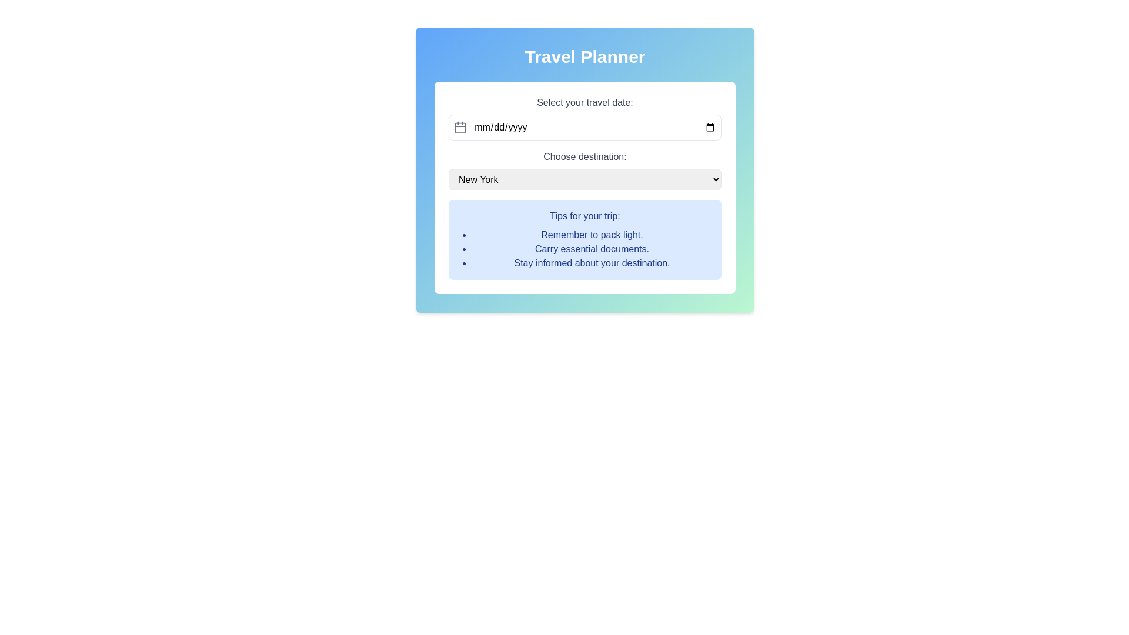 This screenshot has height=635, width=1129. What do you see at coordinates (592, 249) in the screenshot?
I see `the Text Display element that provides tips about carrying essential documents, located in the second position under 'Tips for your trip'` at bounding box center [592, 249].